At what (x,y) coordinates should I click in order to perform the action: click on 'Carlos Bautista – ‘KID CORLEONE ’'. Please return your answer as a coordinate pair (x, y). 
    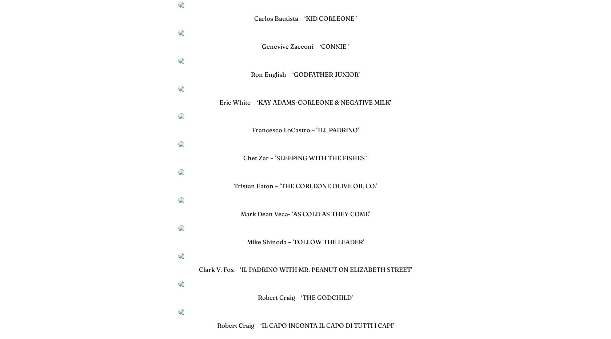
    Looking at the image, I should click on (305, 18).